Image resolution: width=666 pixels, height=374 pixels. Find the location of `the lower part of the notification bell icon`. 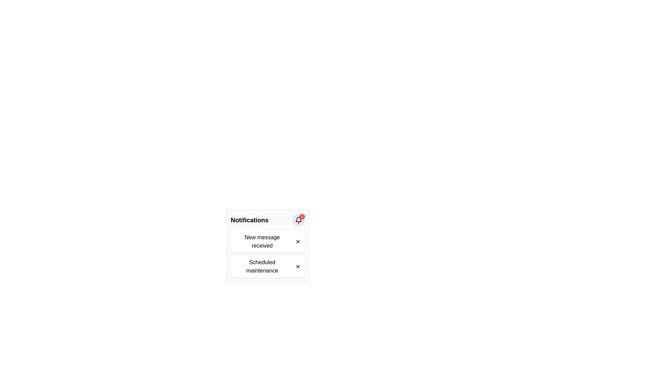

the lower part of the notification bell icon is located at coordinates (298, 219).